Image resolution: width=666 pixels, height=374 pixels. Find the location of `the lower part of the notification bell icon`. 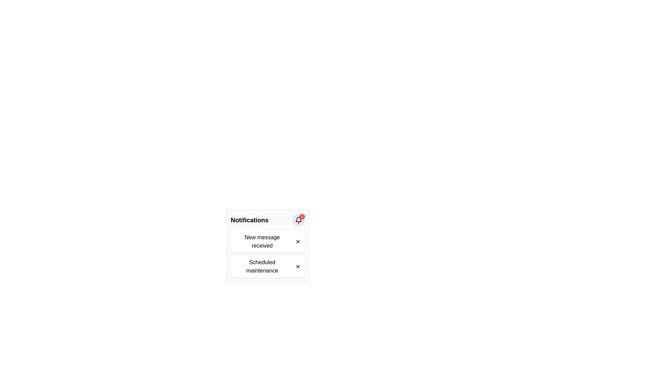

the lower part of the notification bell icon is located at coordinates (298, 219).